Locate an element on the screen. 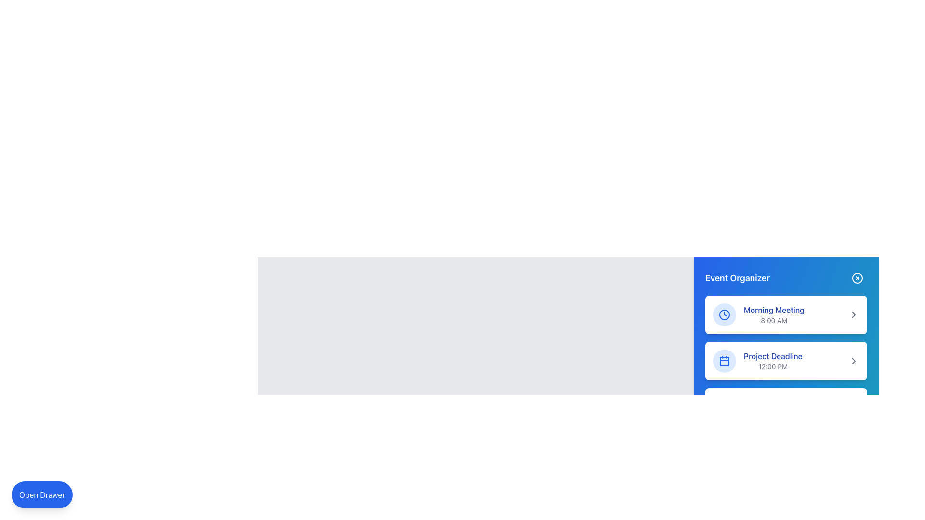  foreground SVG Circle that represents the time for the 'Morning Meeting' event within the clock icon in the Event Organizer section is located at coordinates (724, 315).